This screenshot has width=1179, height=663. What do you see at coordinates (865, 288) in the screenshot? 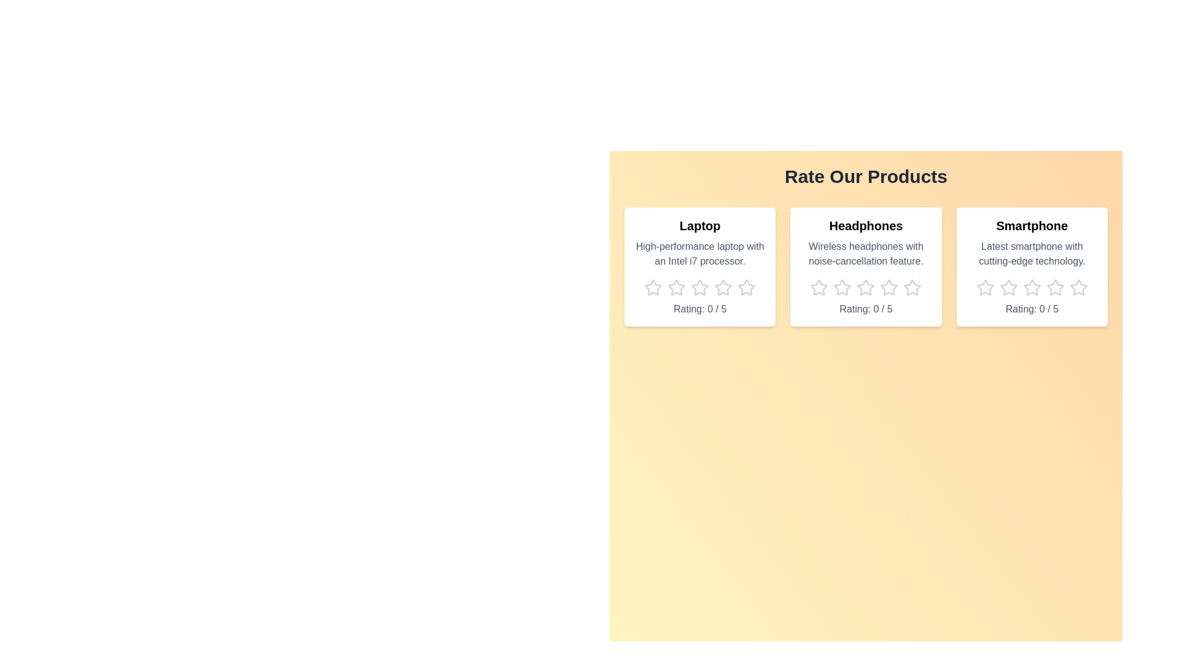
I see `the star icon corresponding to 3 stars for the product Headphones` at bounding box center [865, 288].